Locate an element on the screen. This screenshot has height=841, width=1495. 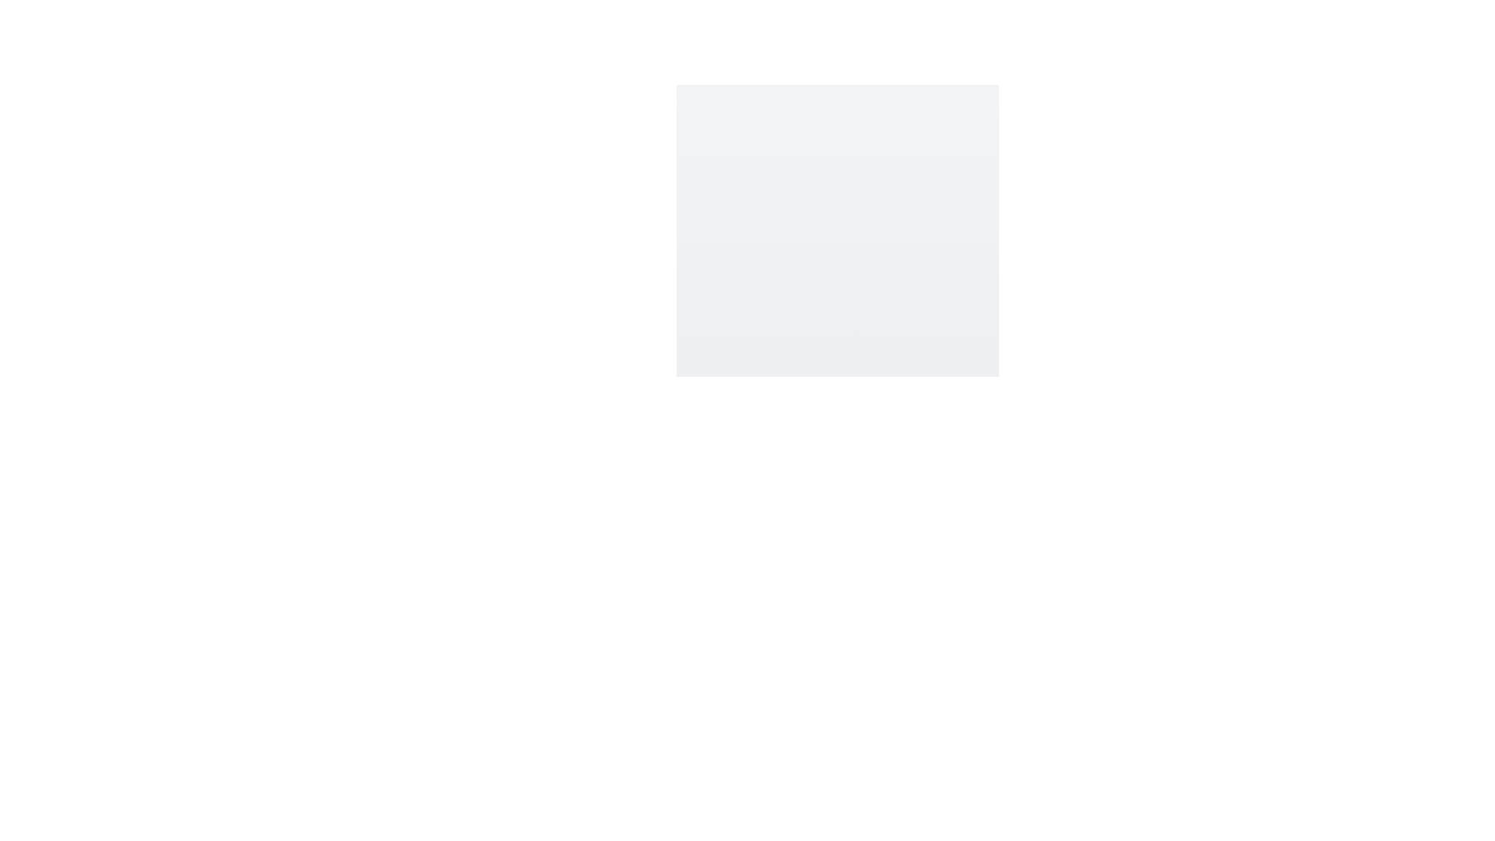
the close button of the feedback dialog is located at coordinates (970, 413).